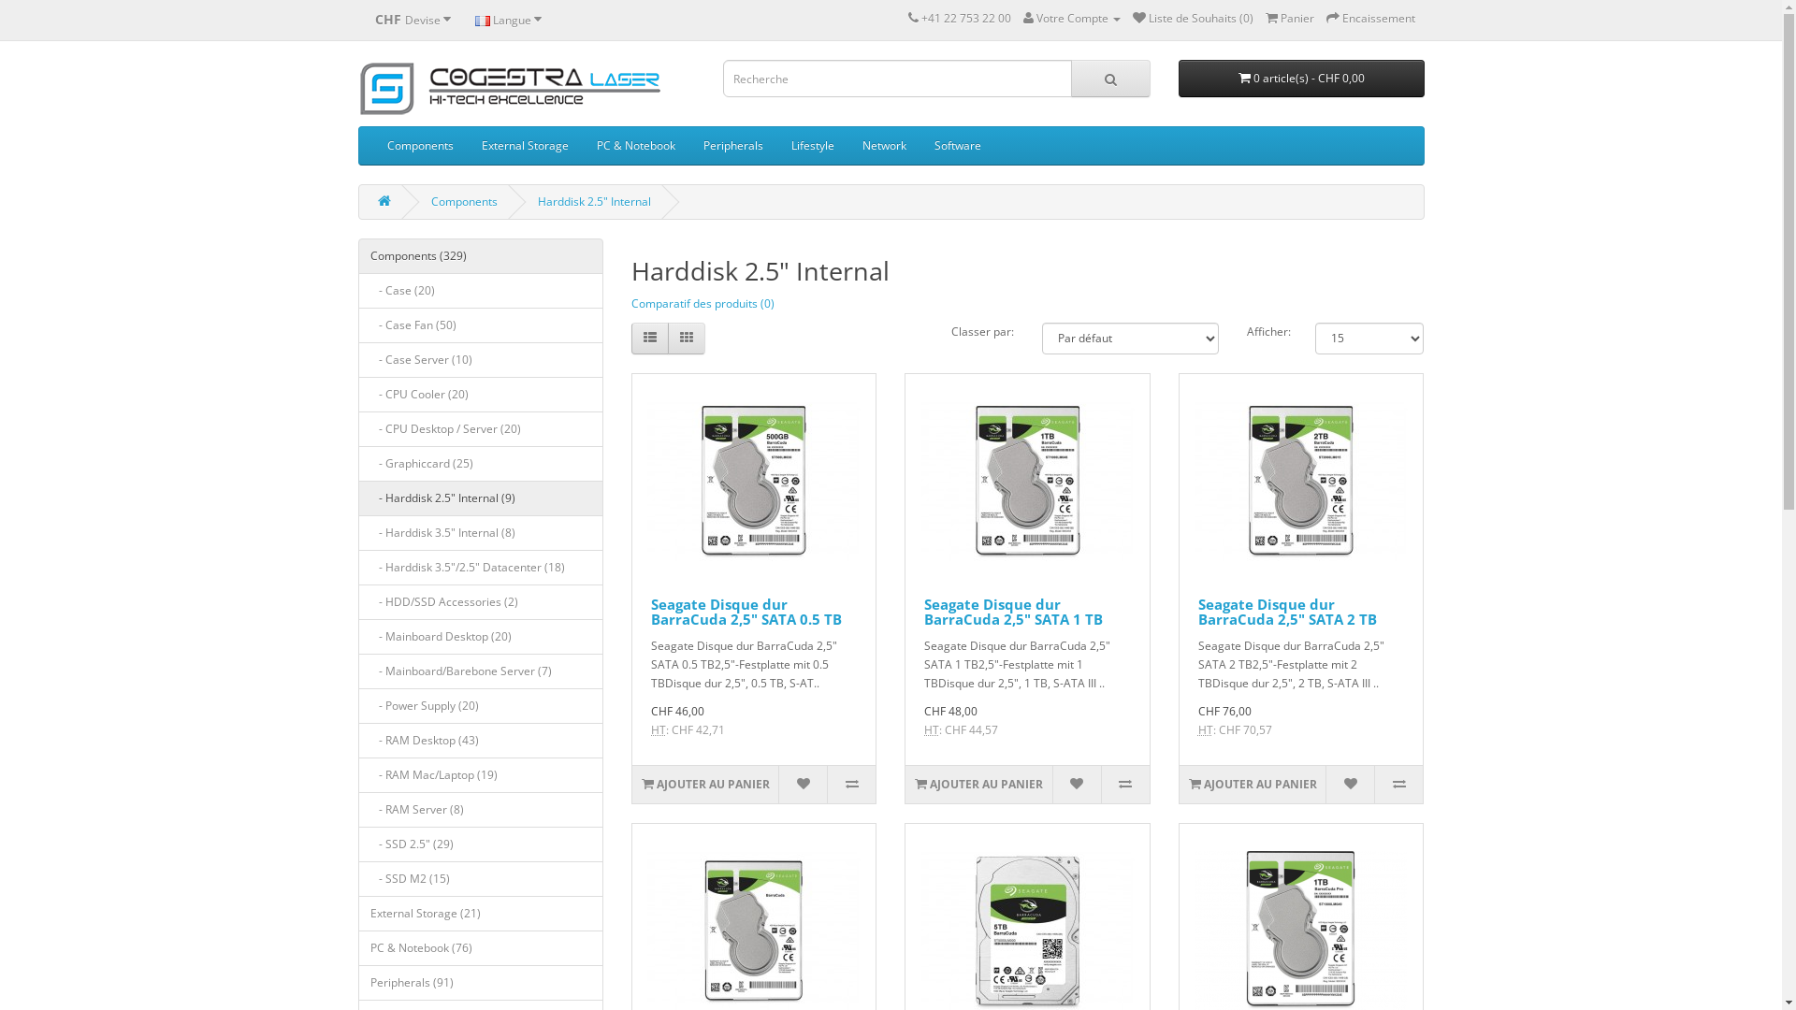 Image resolution: width=1796 pixels, height=1010 pixels. Describe the element at coordinates (745, 612) in the screenshot. I see `'Seagate Disque dur BarraCuda 2,5" SATA 0.5 TB'` at that location.